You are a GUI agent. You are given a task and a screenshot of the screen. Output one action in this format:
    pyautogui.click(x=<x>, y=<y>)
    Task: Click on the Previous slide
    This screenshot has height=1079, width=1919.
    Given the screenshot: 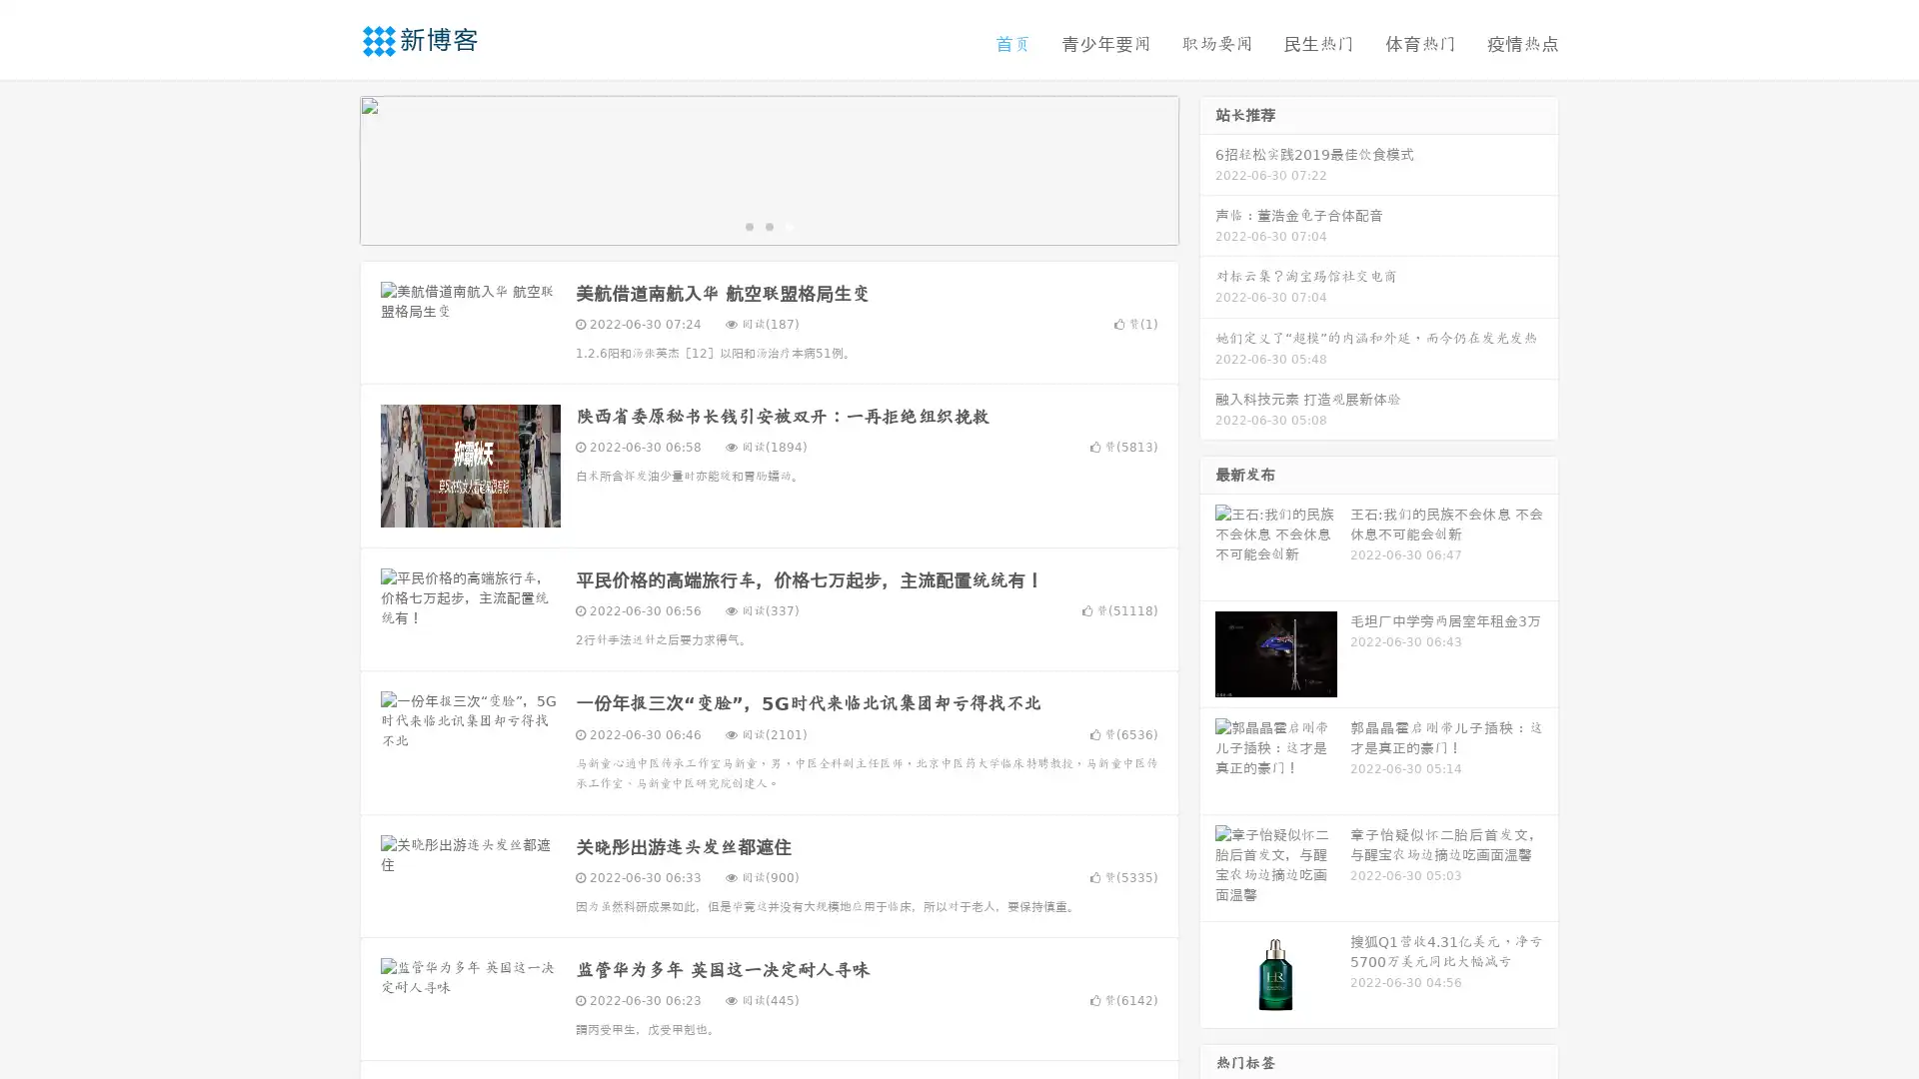 What is the action you would take?
    pyautogui.click(x=330, y=168)
    